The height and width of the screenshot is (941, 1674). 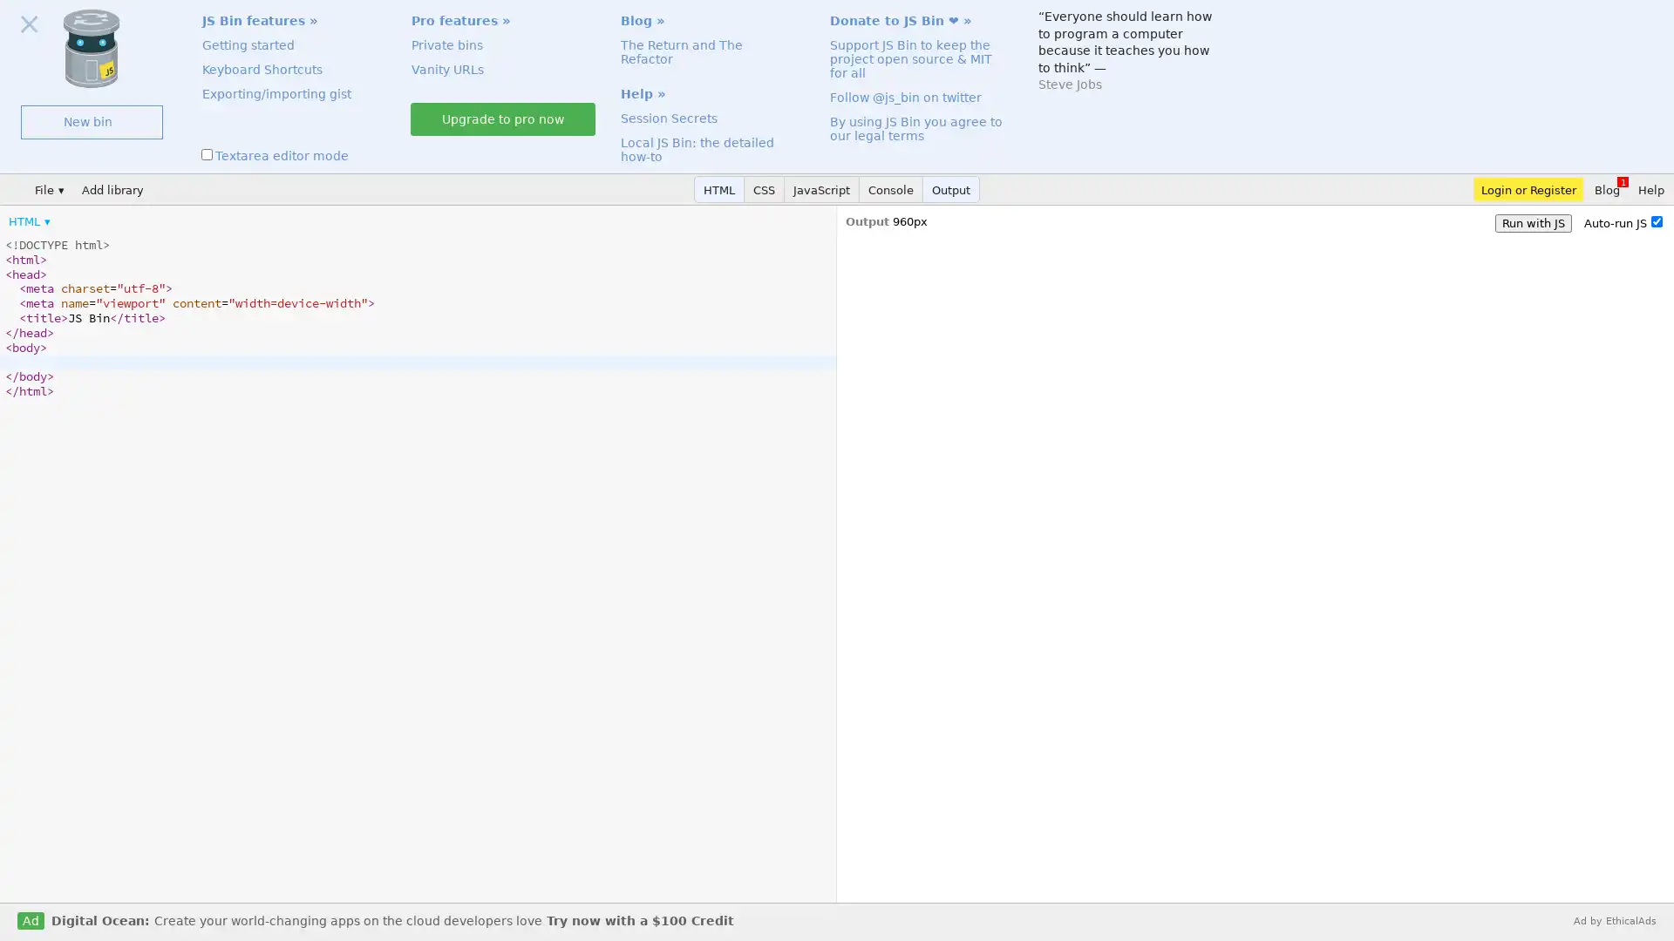 I want to click on CSS Panel: Inactive, so click(x=765, y=189).